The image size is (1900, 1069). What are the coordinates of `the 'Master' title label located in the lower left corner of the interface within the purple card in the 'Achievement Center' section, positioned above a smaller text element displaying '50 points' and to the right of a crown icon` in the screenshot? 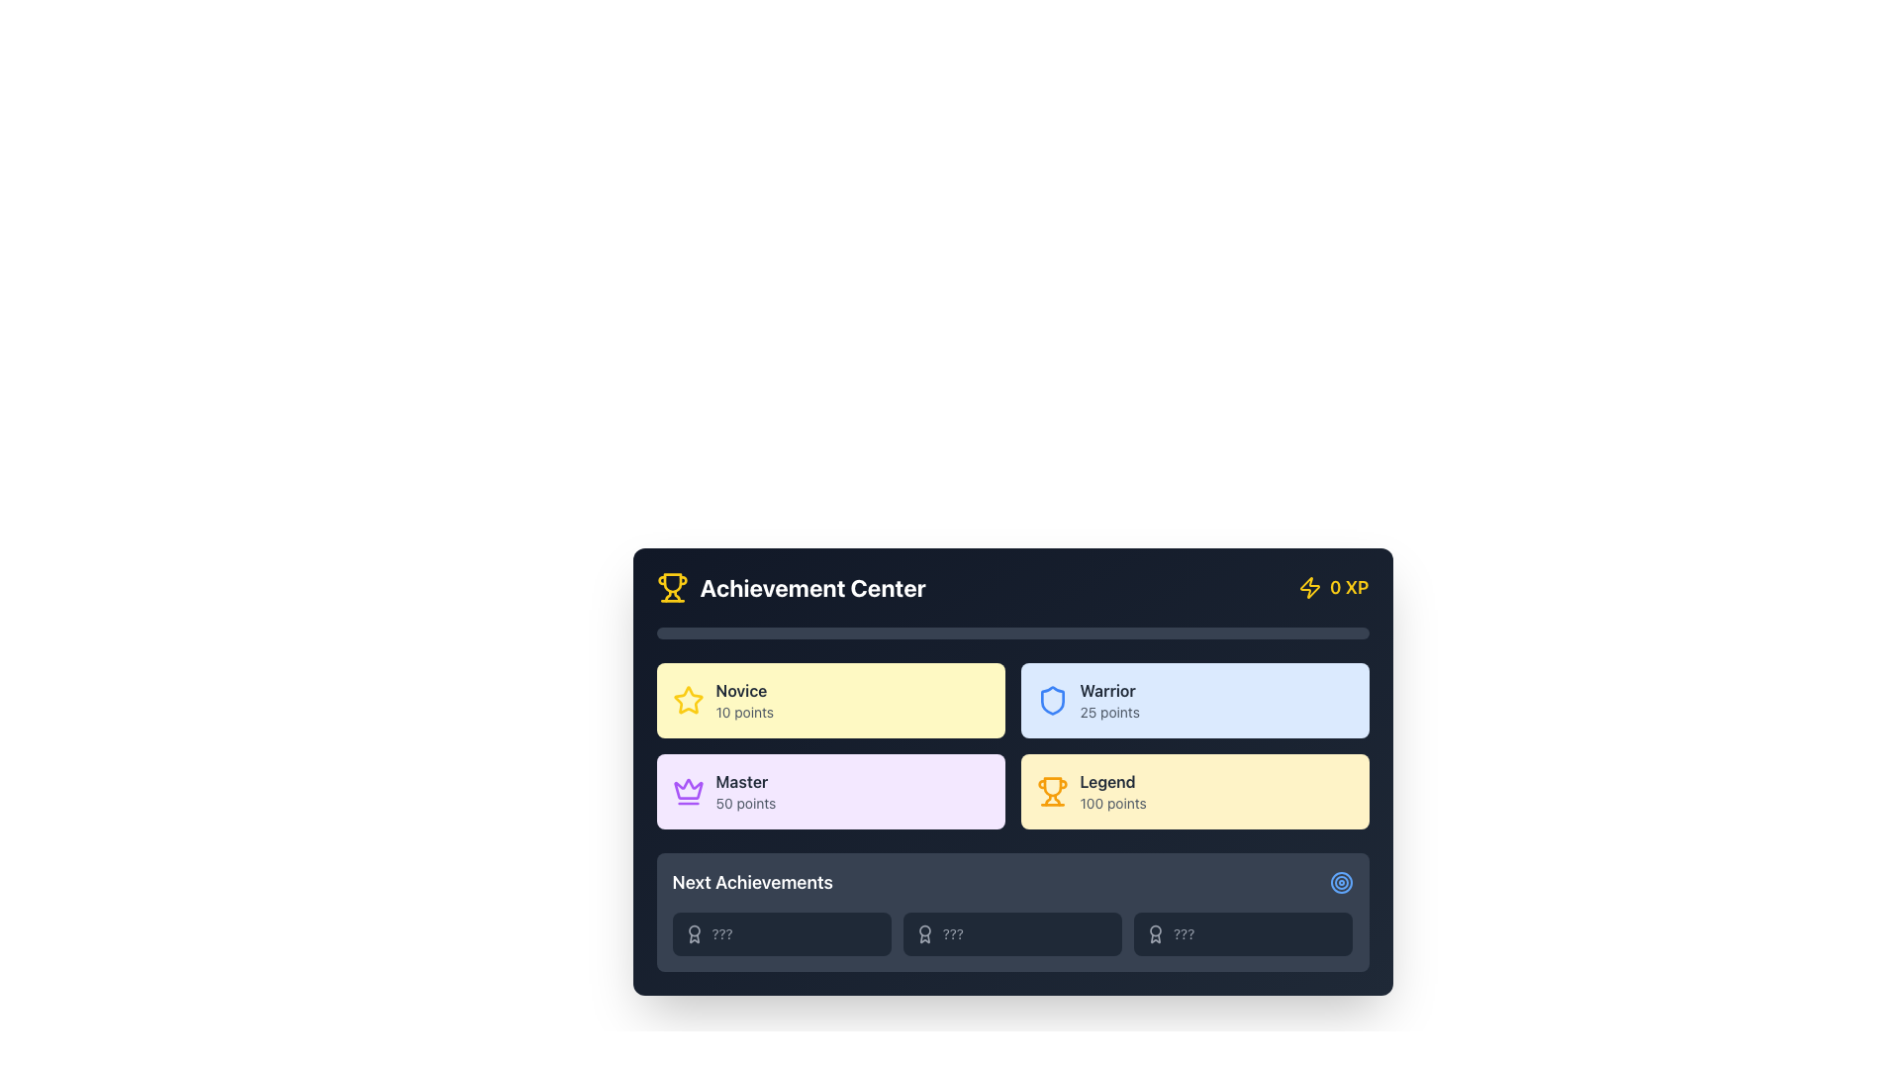 It's located at (744, 781).